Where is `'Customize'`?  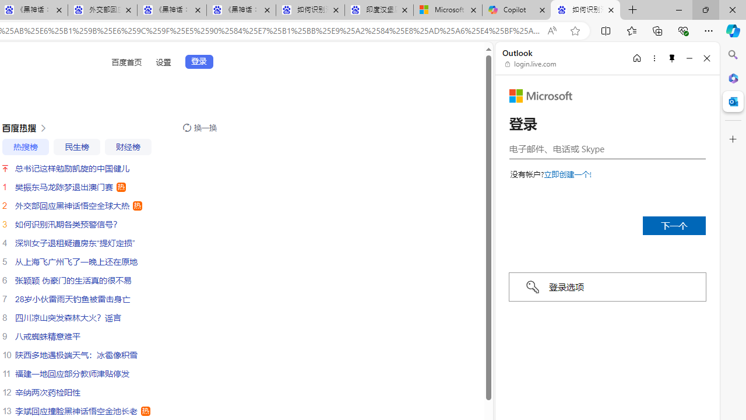 'Customize' is located at coordinates (733, 139).